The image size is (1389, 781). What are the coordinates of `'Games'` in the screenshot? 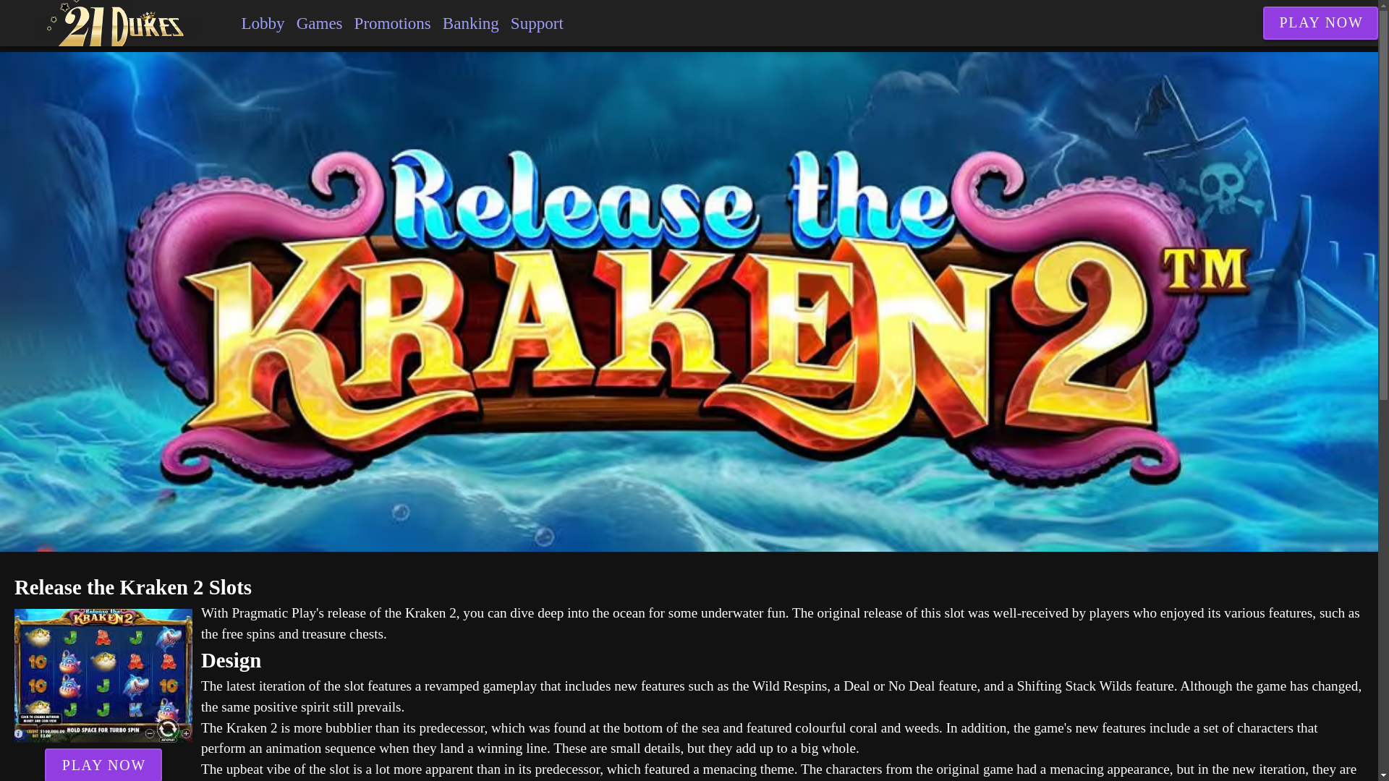 It's located at (318, 22).